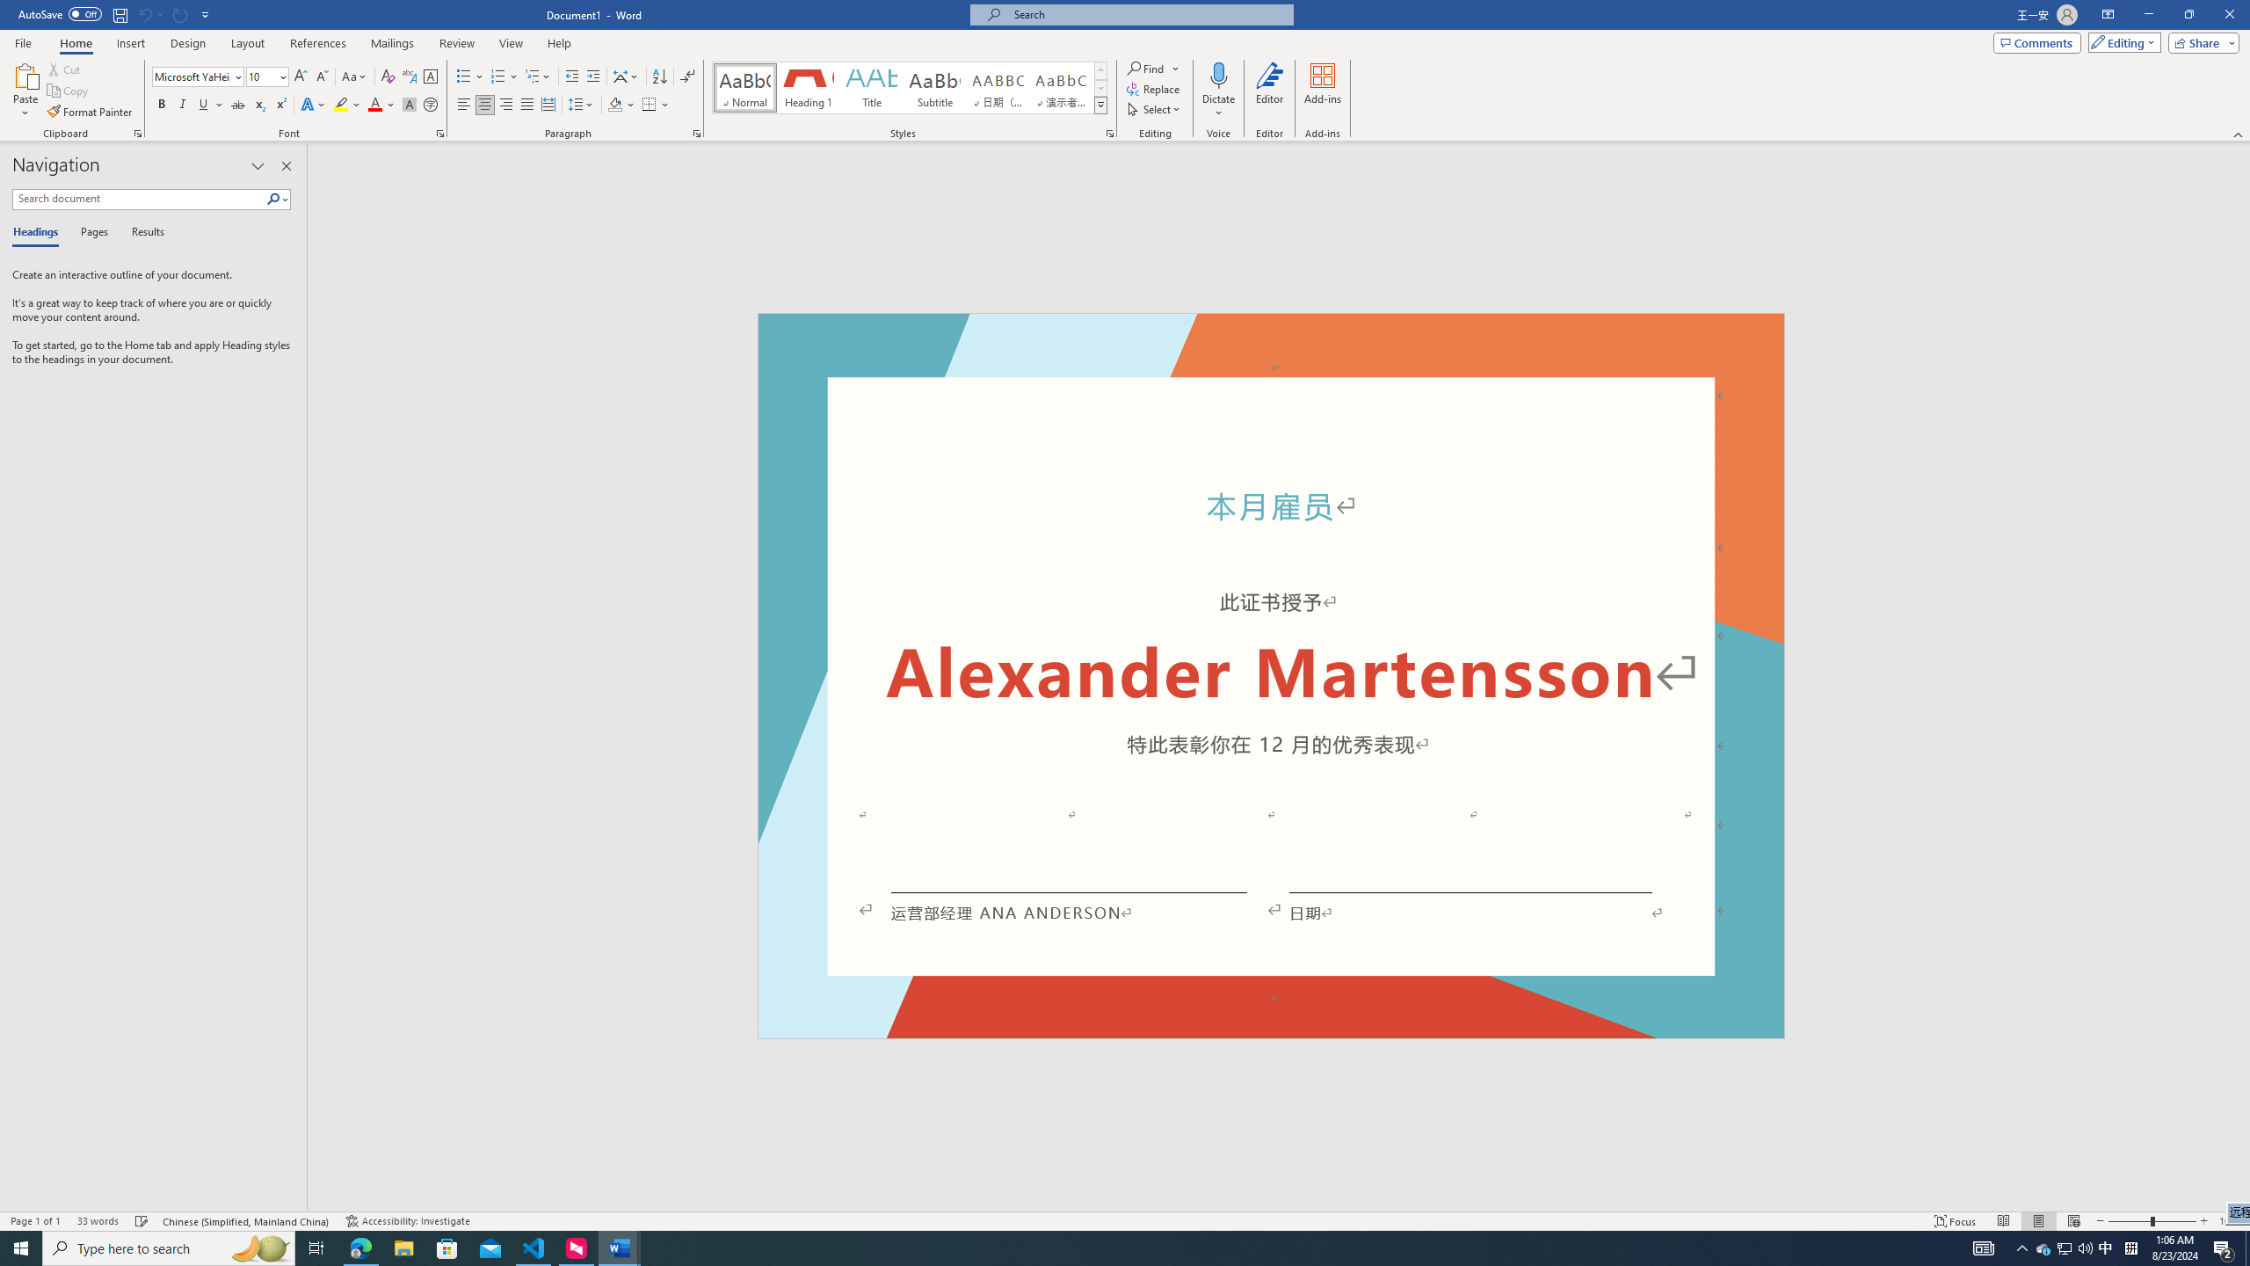  What do you see at coordinates (583, 104) in the screenshot?
I see `'Line and Paragraph Spacing'` at bounding box center [583, 104].